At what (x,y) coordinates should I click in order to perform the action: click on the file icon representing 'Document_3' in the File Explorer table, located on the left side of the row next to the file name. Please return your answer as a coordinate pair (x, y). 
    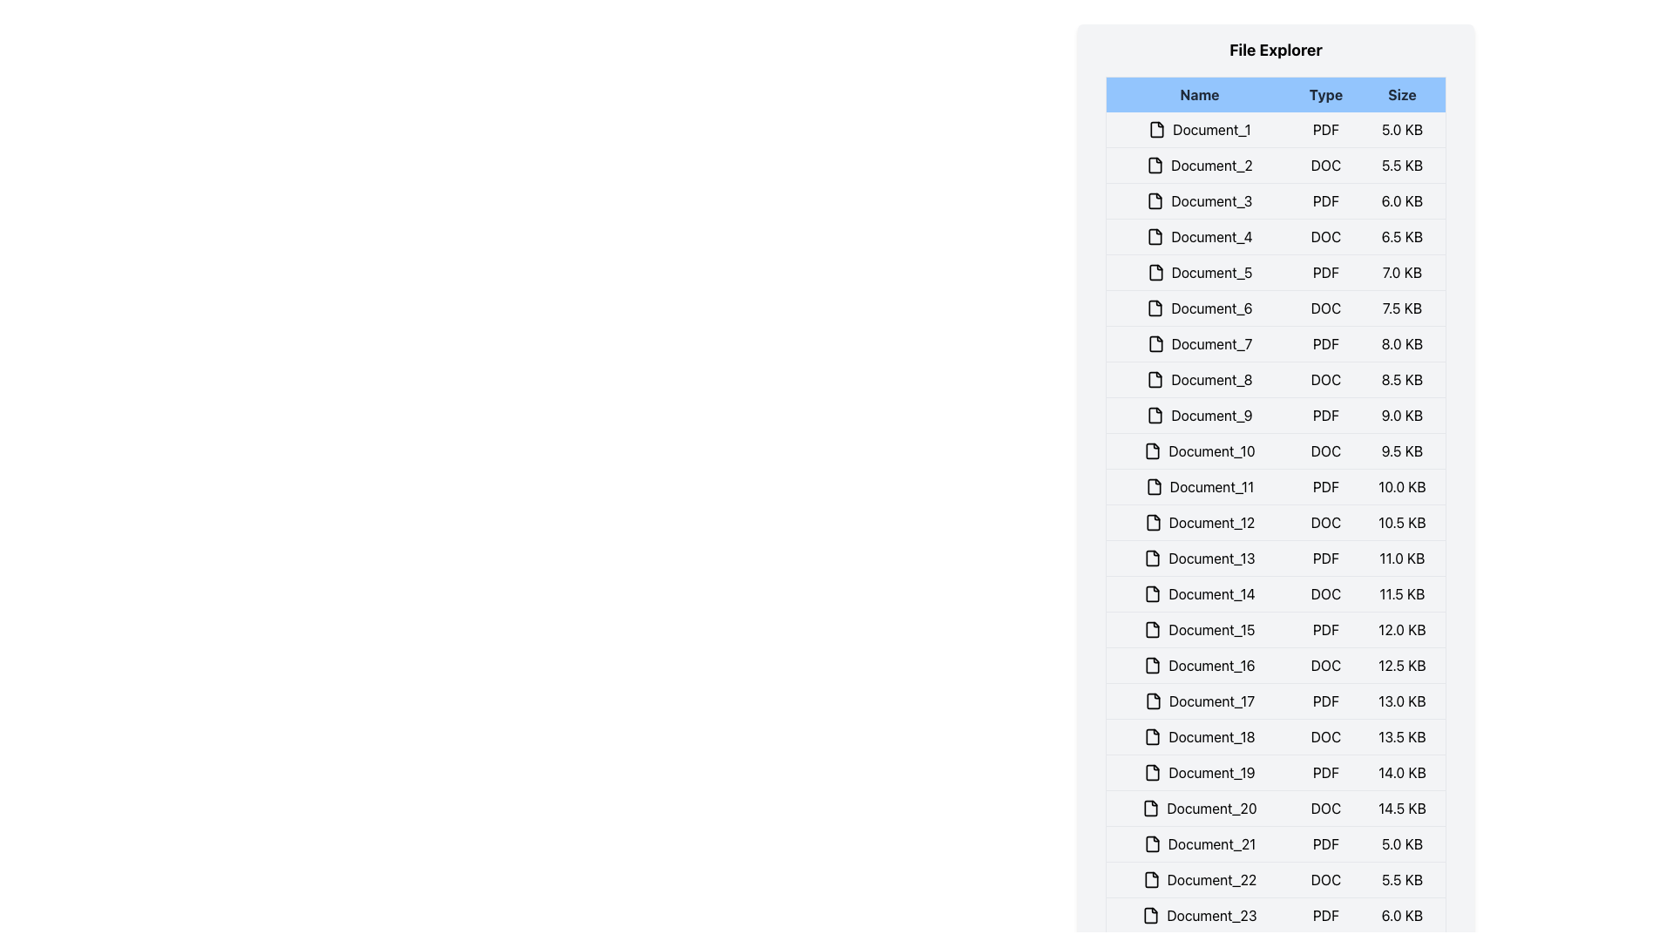
    Looking at the image, I should click on (1155, 200).